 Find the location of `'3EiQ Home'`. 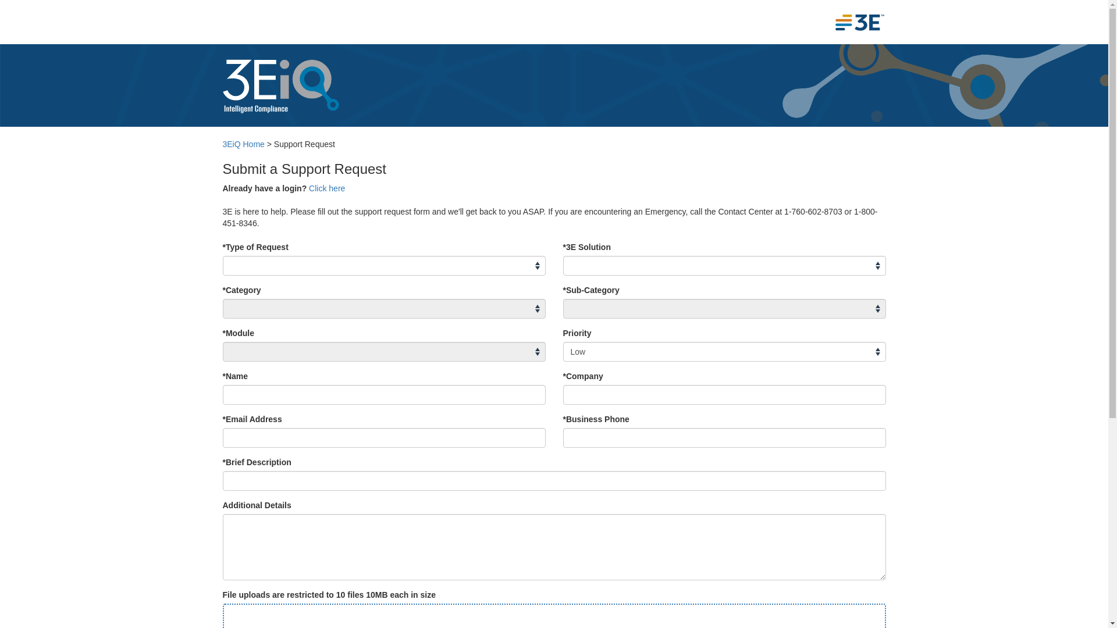

'3EiQ Home' is located at coordinates (242, 143).